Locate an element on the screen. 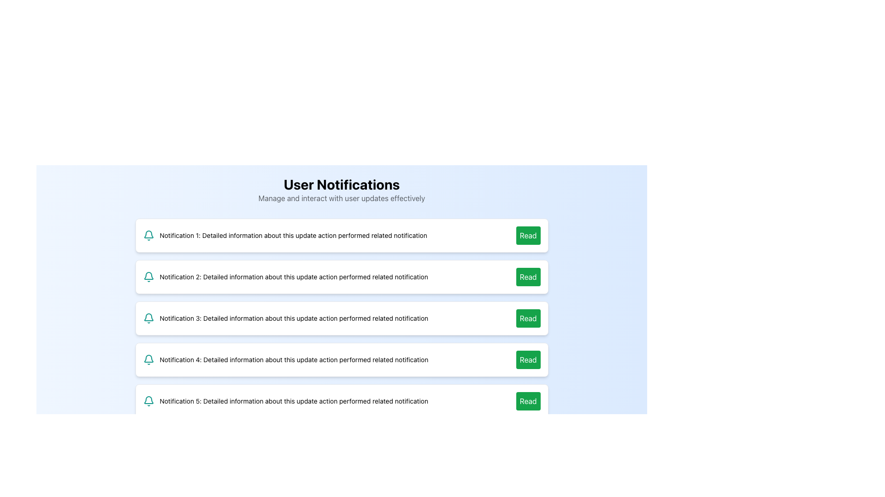 This screenshot has width=885, height=497. the bell icon located in the notification row titled 'Notification 3', which serves as a visual cue for notifications, alerts, or updates is located at coordinates (148, 318).